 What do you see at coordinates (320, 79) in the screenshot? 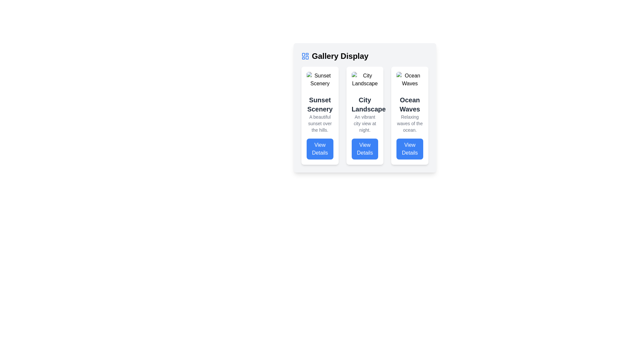
I see `the image element that visually represents the 'Sunset Scenery' section, located at the top of the leftmost card in a horizontally arranged gallery` at bounding box center [320, 79].